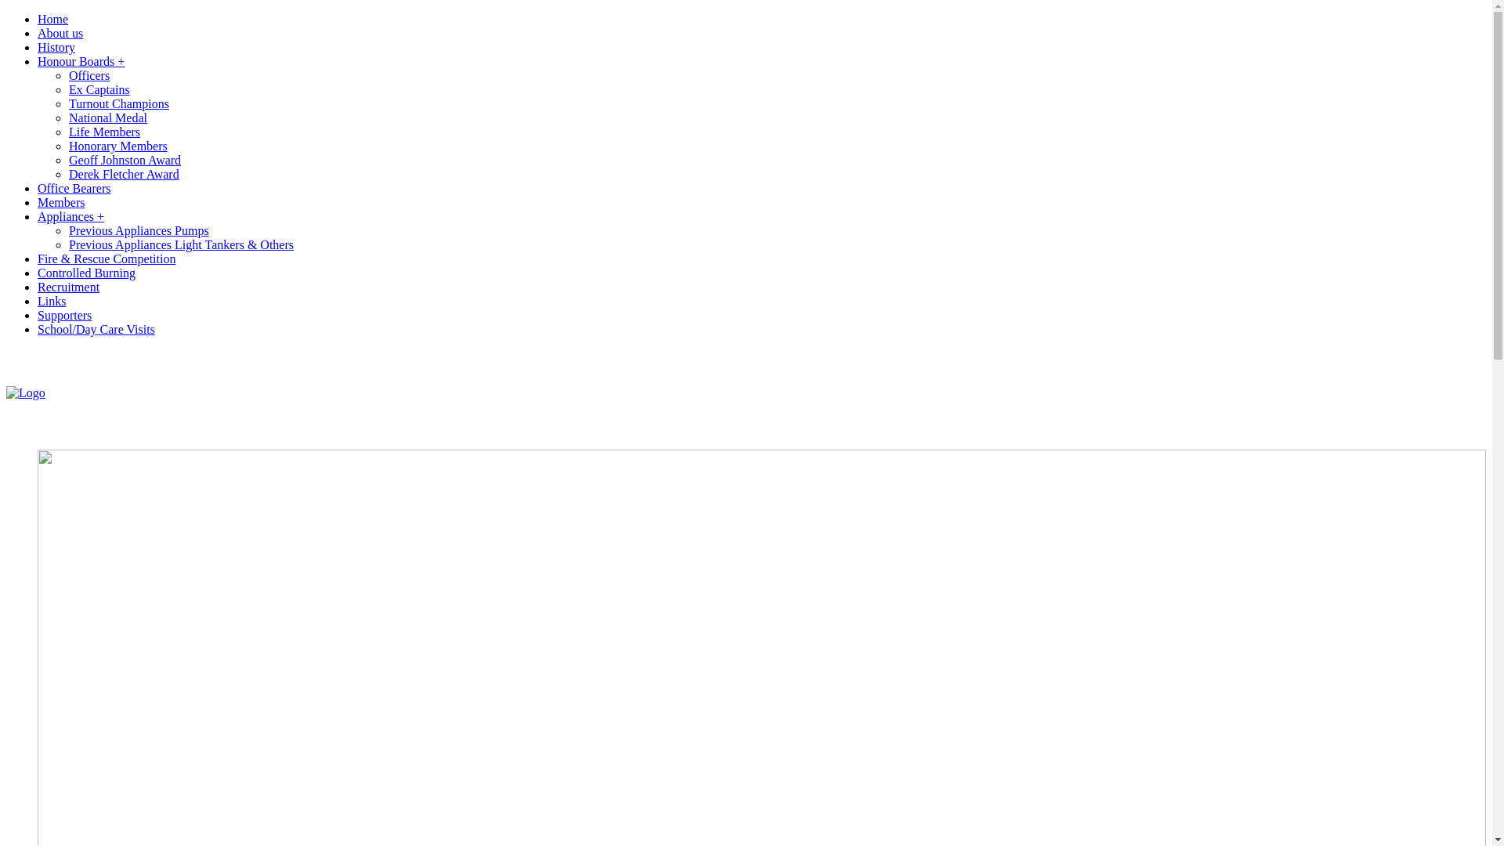 Image resolution: width=1504 pixels, height=846 pixels. I want to click on 'National Medal', so click(107, 117).